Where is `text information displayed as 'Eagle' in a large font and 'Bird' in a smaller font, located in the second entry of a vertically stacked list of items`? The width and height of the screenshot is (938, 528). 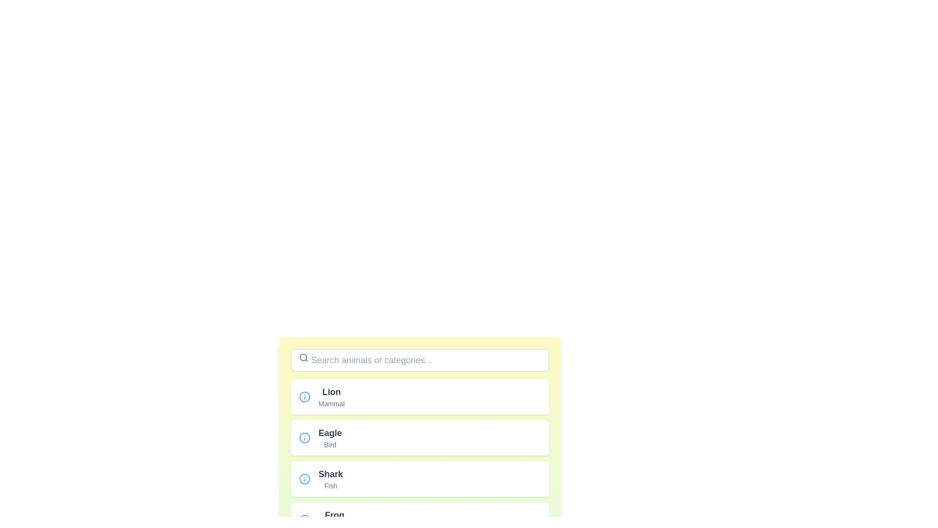 text information displayed as 'Eagle' in a large font and 'Bird' in a smaller font, located in the second entry of a vertically stacked list of items is located at coordinates (330, 437).